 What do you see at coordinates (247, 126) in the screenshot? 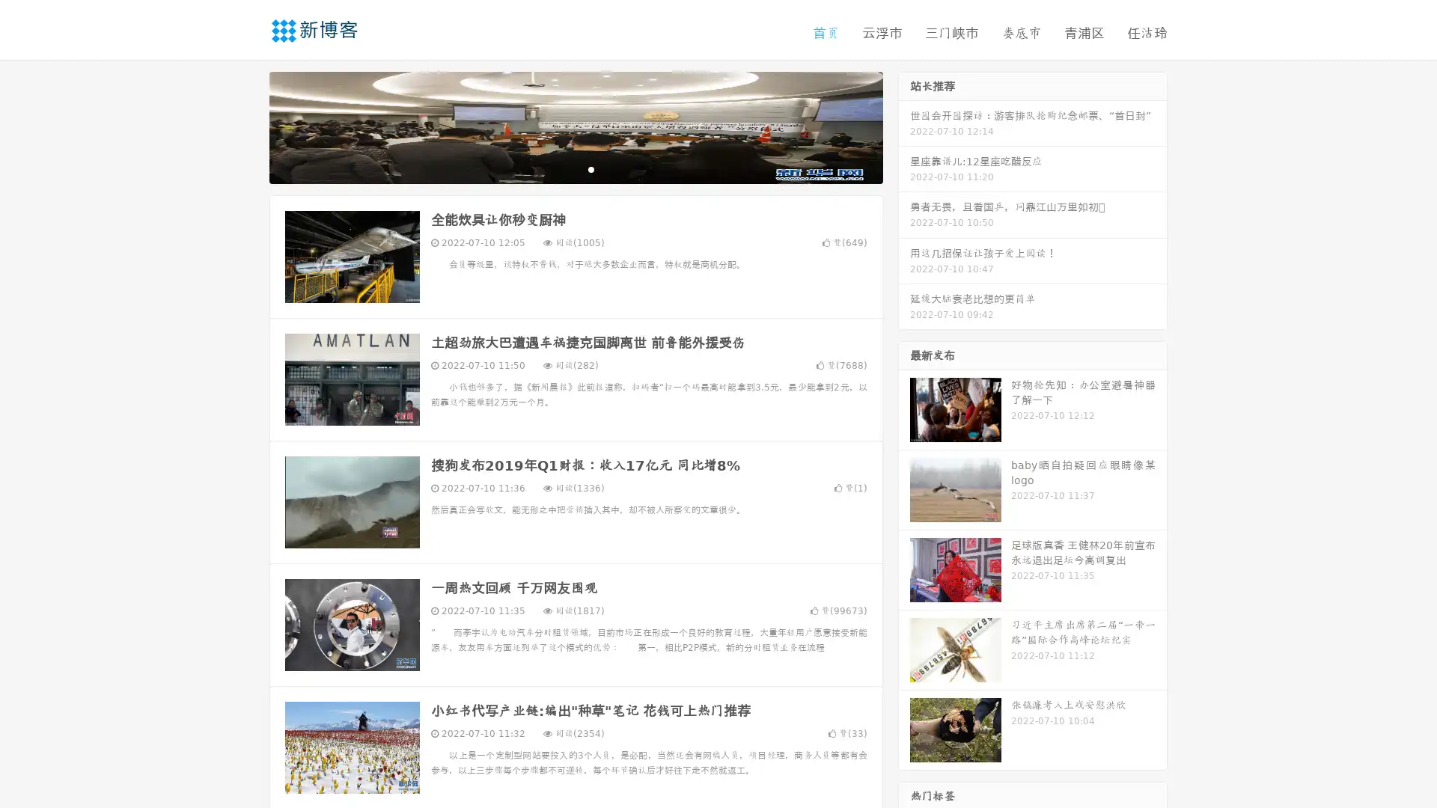
I see `Previous slide` at bounding box center [247, 126].